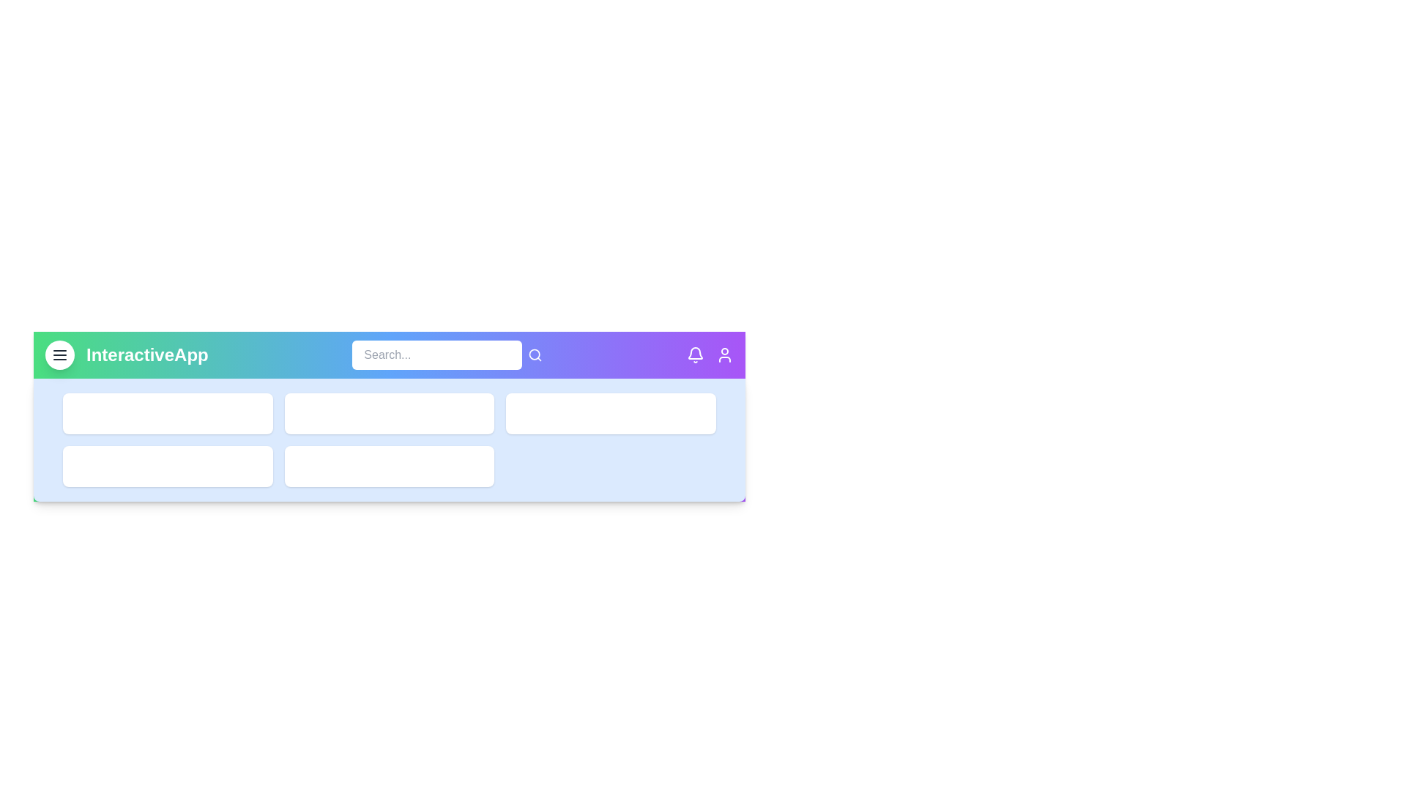 The width and height of the screenshot is (1406, 791). I want to click on the user icon to open the user profile or settings, so click(724, 355).